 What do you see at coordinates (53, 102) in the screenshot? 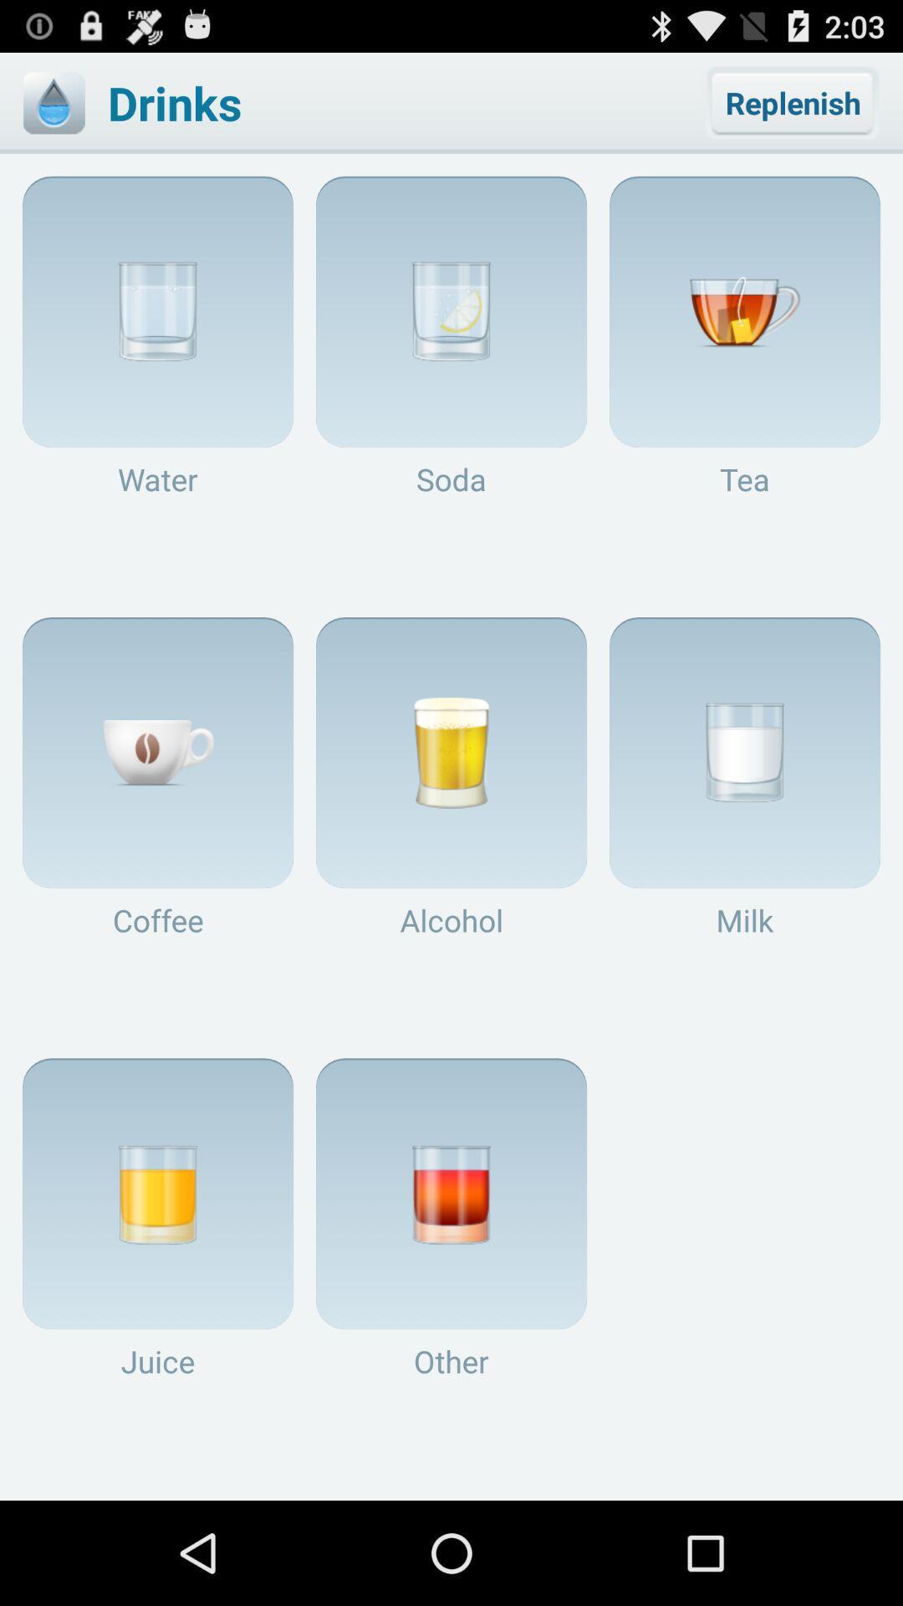
I see `go back` at bounding box center [53, 102].